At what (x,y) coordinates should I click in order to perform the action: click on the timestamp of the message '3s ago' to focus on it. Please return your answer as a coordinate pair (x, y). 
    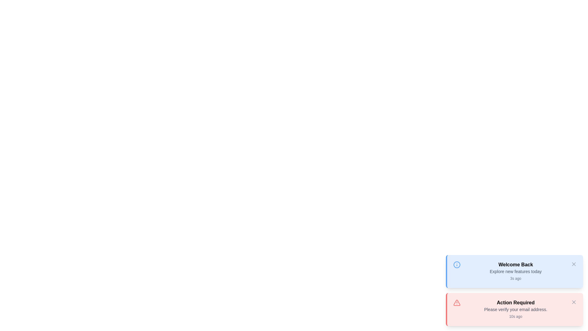
    Looking at the image, I should click on (515, 279).